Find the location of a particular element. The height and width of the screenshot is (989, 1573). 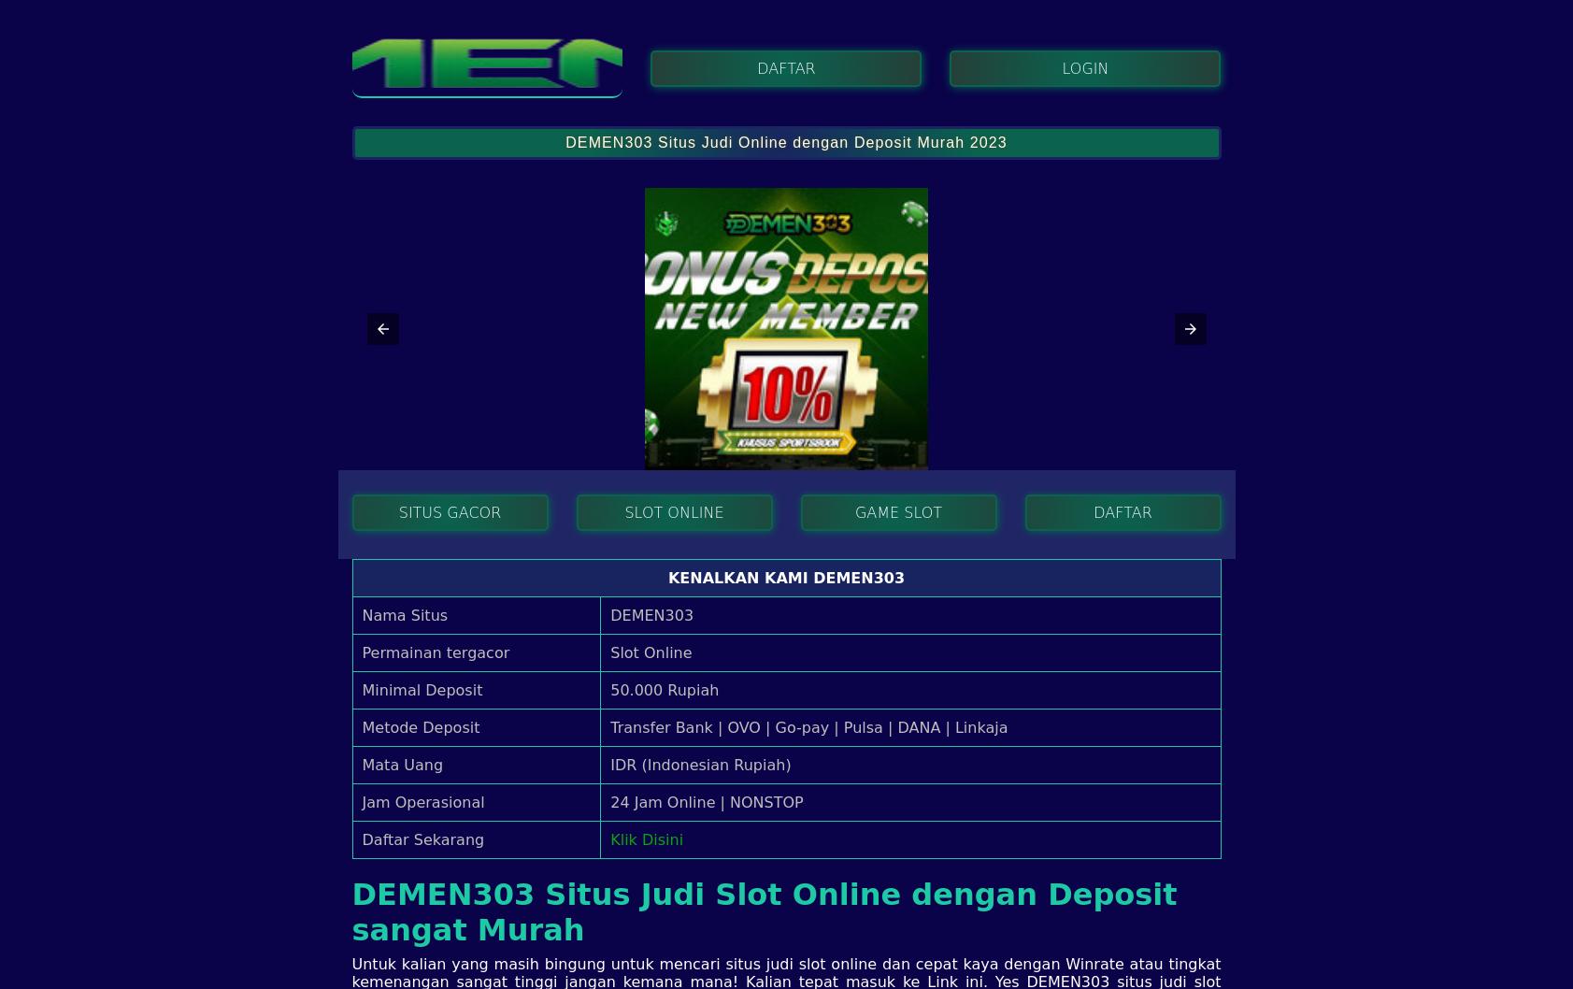

'DEMEN303 Situs Judi Online dengan Deposit Murah 2023' is located at coordinates (784, 140).